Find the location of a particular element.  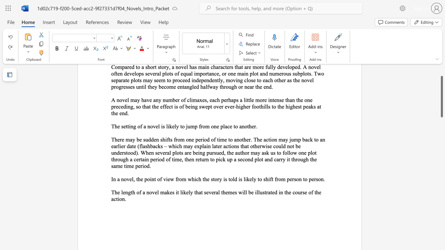

the subset text ", so that the effect is of being swept ove" within the text "A novel may have any number of climaxes, each perhaps a little more intense than the one preceding, so that the effect is of being swept over ever-higher foothills to the highest peaks at the end." is located at coordinates (133, 107).